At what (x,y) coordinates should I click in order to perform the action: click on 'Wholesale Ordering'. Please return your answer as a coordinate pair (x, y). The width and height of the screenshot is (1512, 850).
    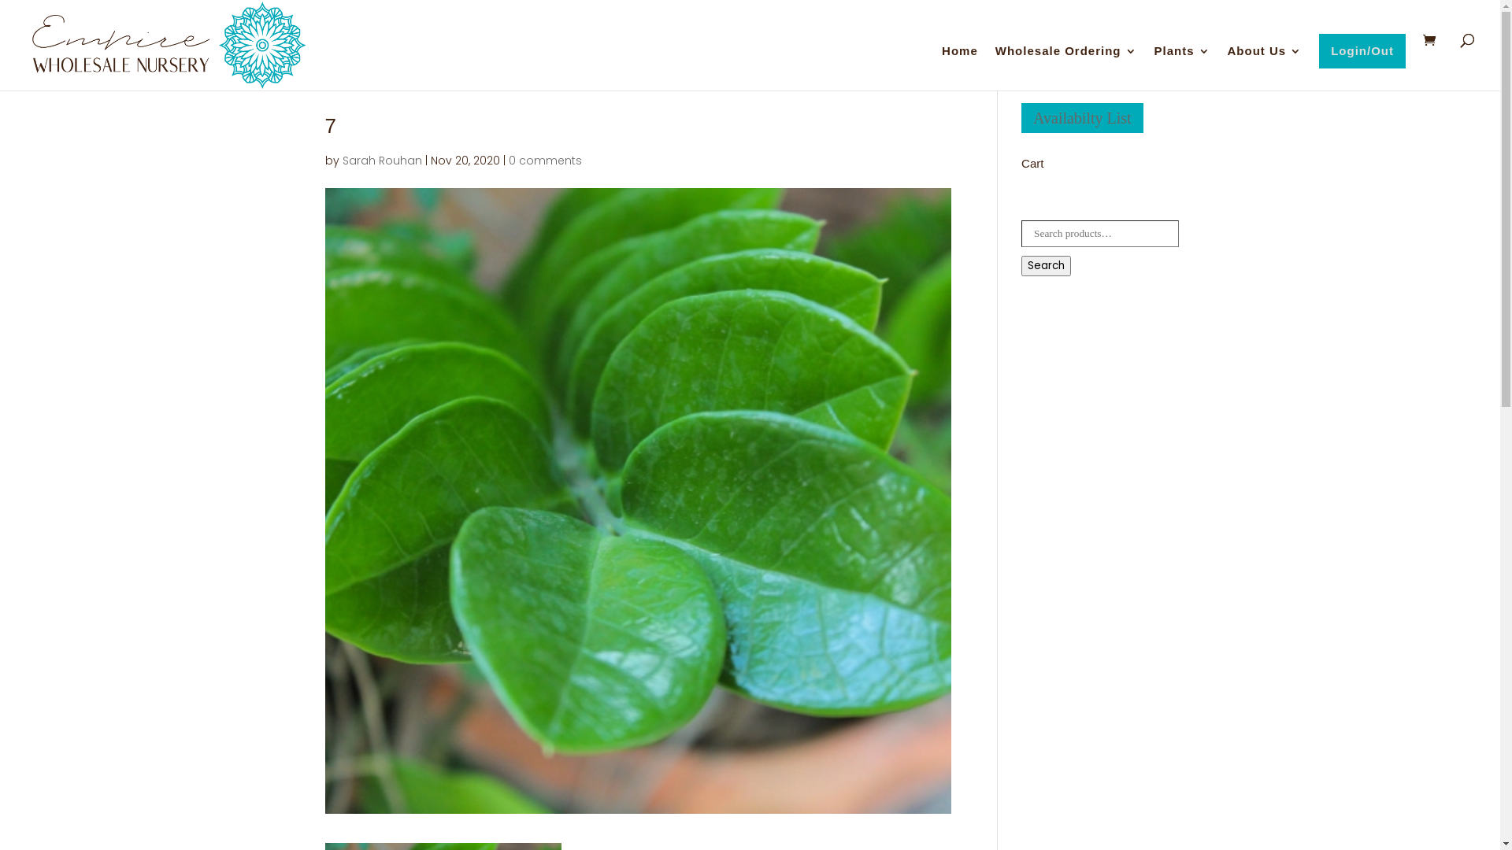
    Looking at the image, I should click on (1065, 67).